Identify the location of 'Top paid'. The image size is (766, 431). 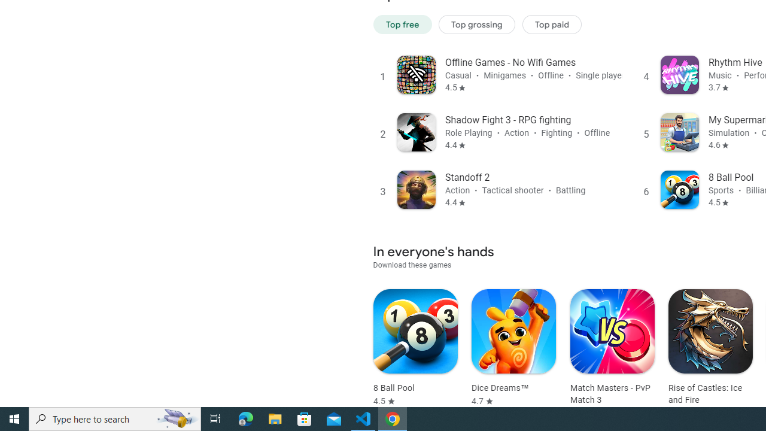
(551, 24).